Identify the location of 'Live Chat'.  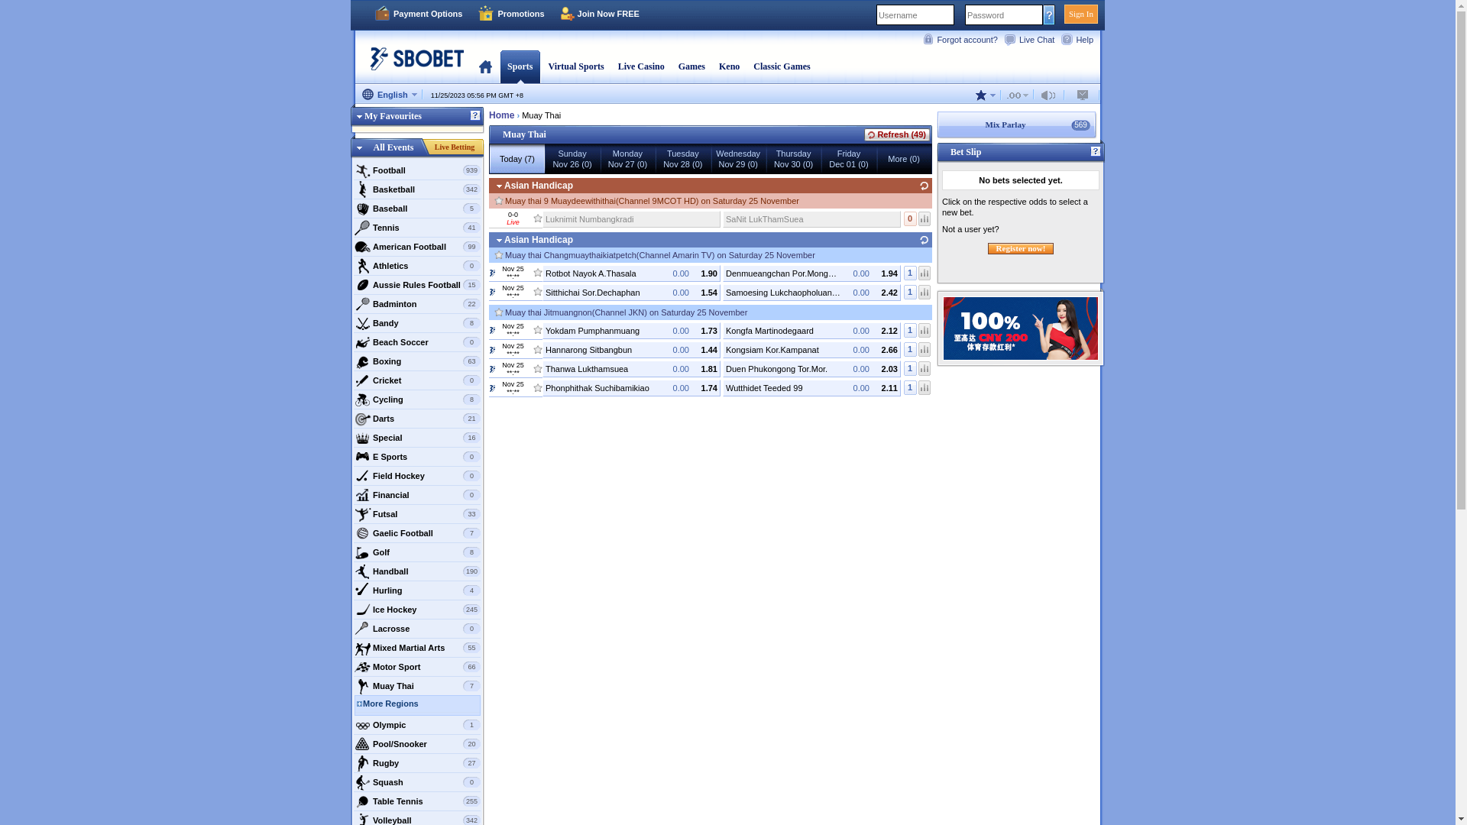
(1004, 38).